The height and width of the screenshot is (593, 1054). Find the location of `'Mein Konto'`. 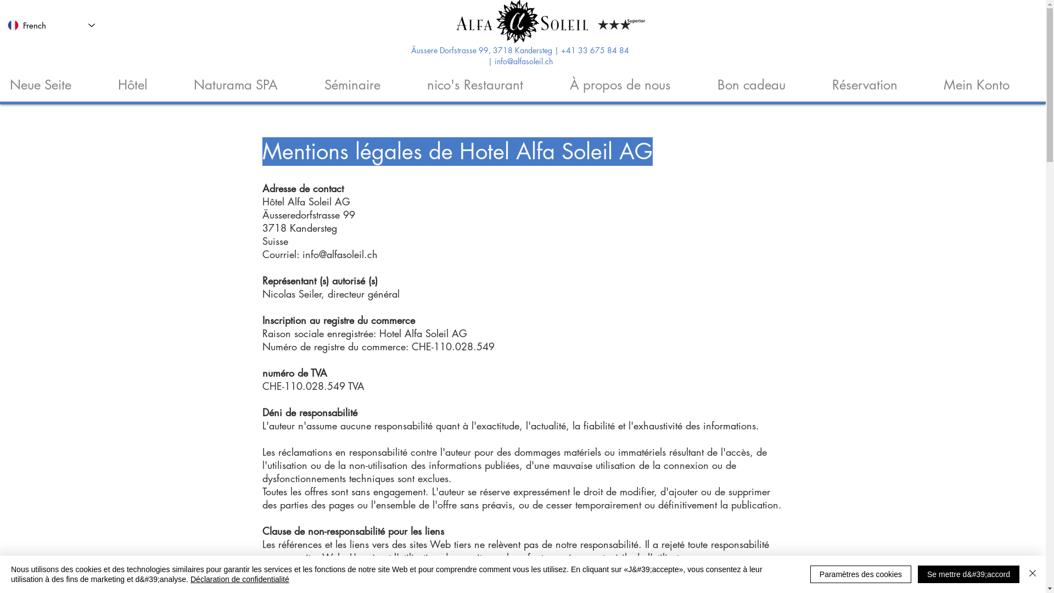

'Mein Konto' is located at coordinates (990, 79).